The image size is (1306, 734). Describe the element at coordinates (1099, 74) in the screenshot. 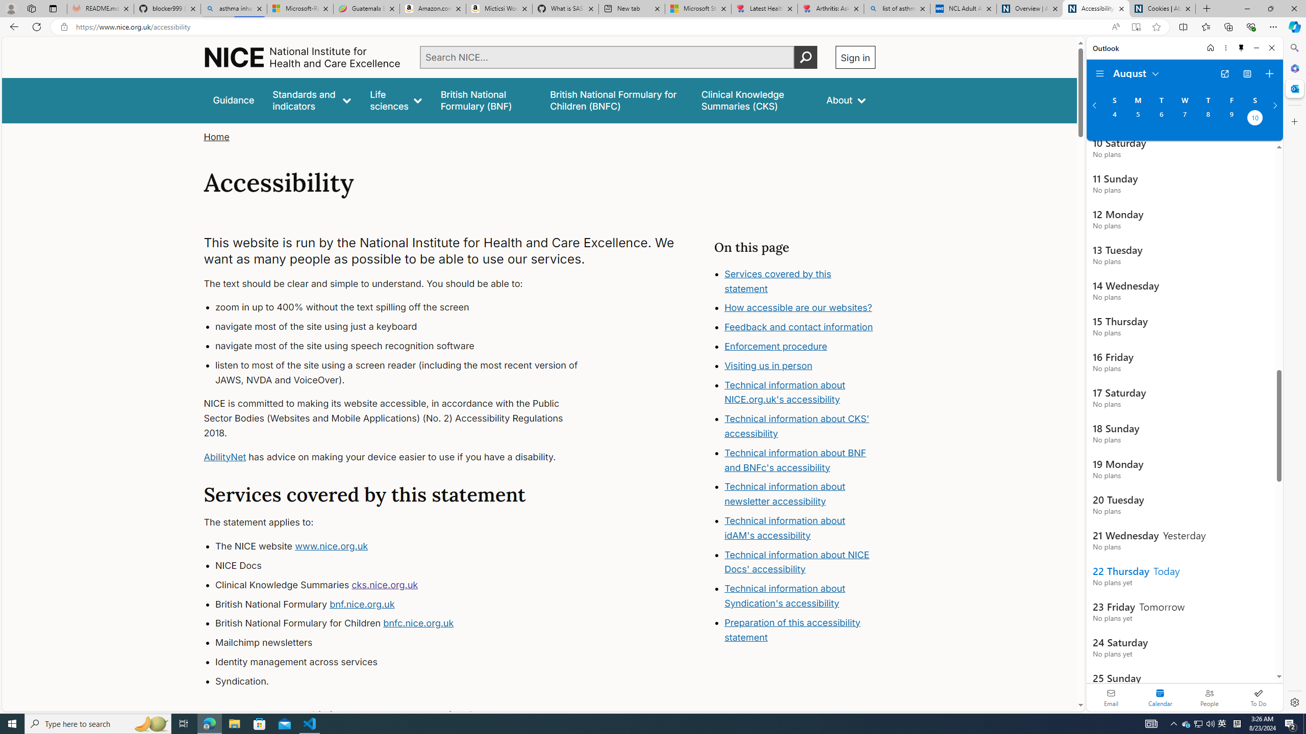

I see `'Folder navigation'` at that location.